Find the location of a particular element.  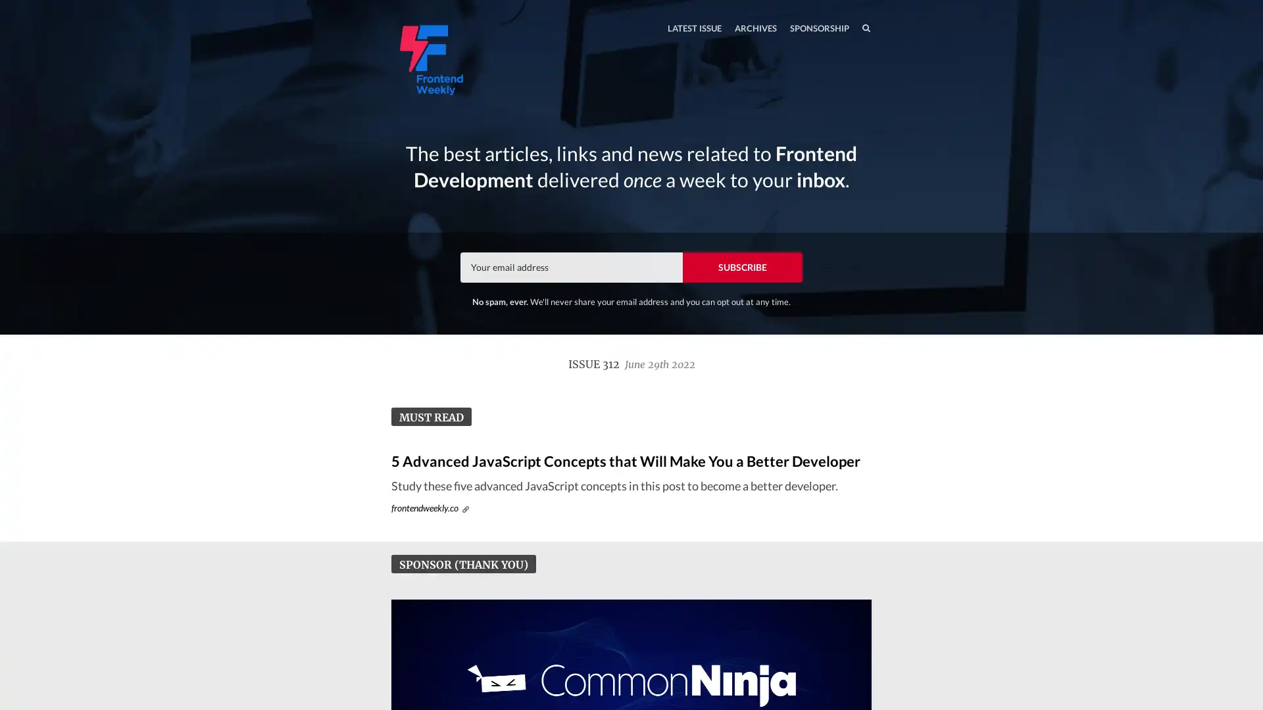

TOGGLE MENU is located at coordinates (393, 3).